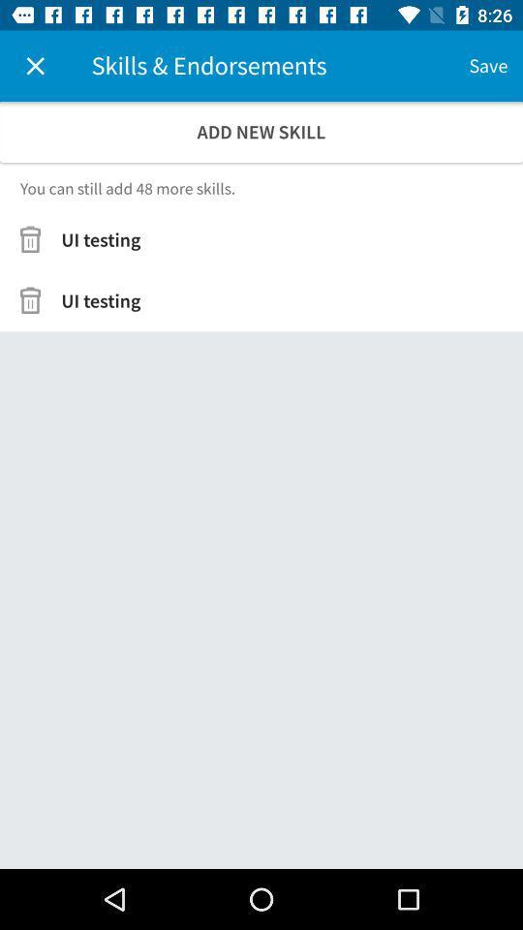 The height and width of the screenshot is (930, 523). What do you see at coordinates (35, 66) in the screenshot?
I see `icon next to the skills & endorsements item` at bounding box center [35, 66].